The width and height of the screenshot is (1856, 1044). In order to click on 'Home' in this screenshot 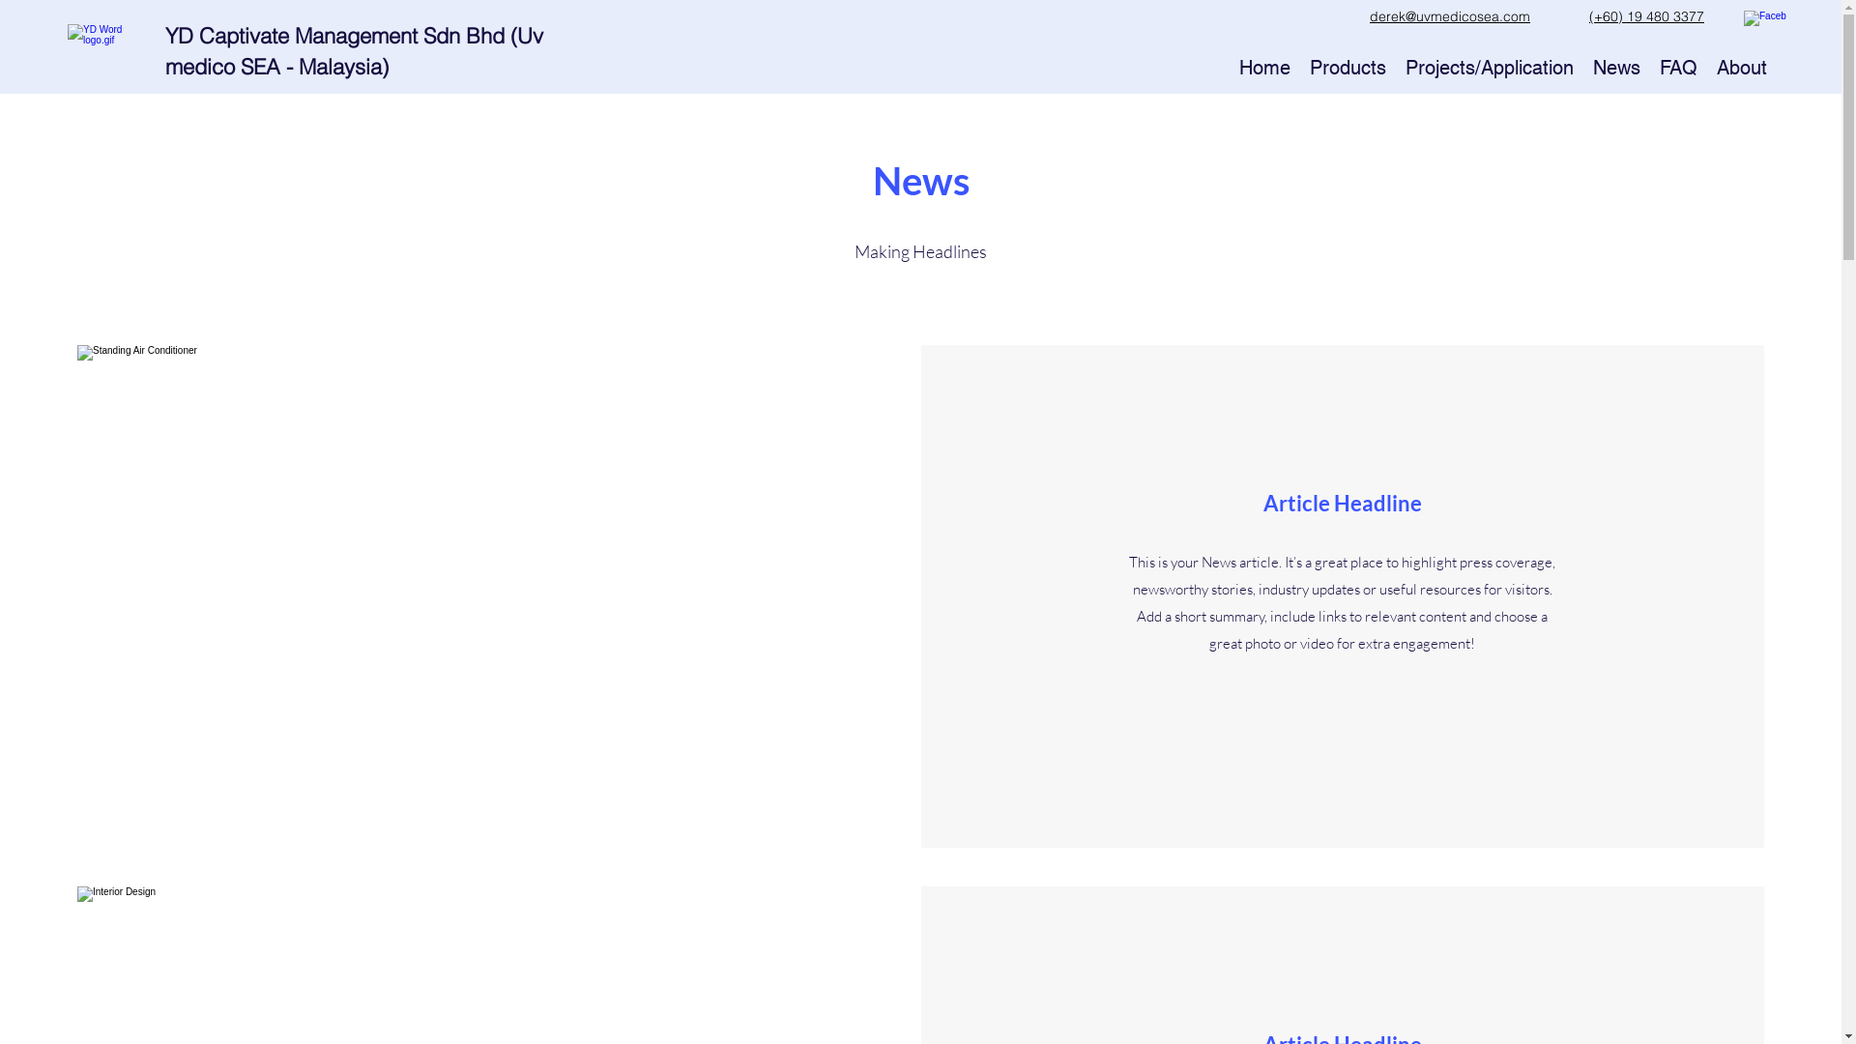, I will do `click(1264, 66)`.